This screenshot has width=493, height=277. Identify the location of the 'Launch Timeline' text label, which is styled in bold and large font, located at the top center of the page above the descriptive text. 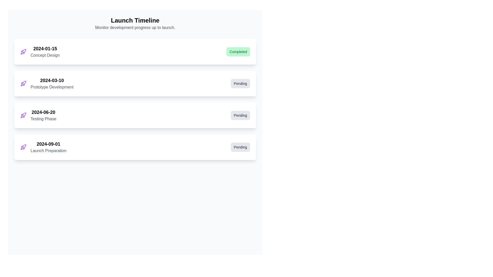
(135, 20).